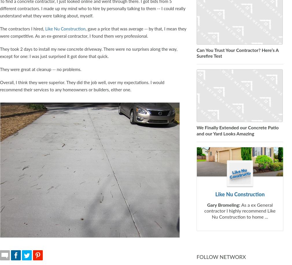  Describe the element at coordinates (223, 204) in the screenshot. I see `'Gary Bromeling:'` at that location.